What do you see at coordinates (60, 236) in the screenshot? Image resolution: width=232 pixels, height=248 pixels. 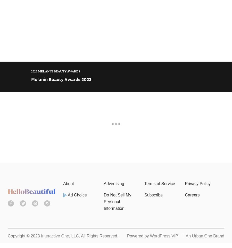 I see `'Interactive One, LLC'` at bounding box center [60, 236].